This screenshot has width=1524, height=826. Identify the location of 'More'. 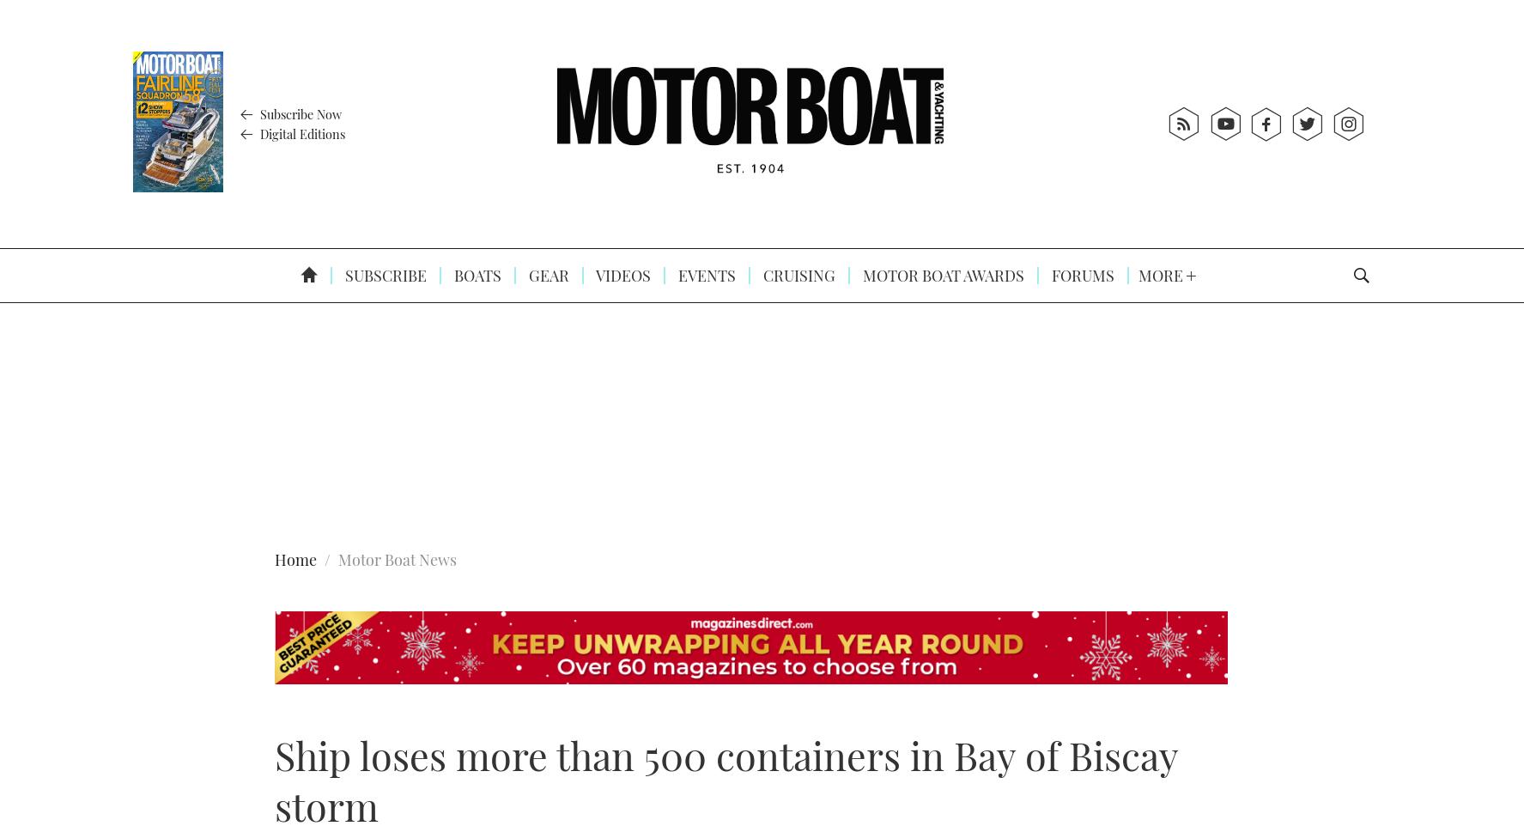
(1161, 275).